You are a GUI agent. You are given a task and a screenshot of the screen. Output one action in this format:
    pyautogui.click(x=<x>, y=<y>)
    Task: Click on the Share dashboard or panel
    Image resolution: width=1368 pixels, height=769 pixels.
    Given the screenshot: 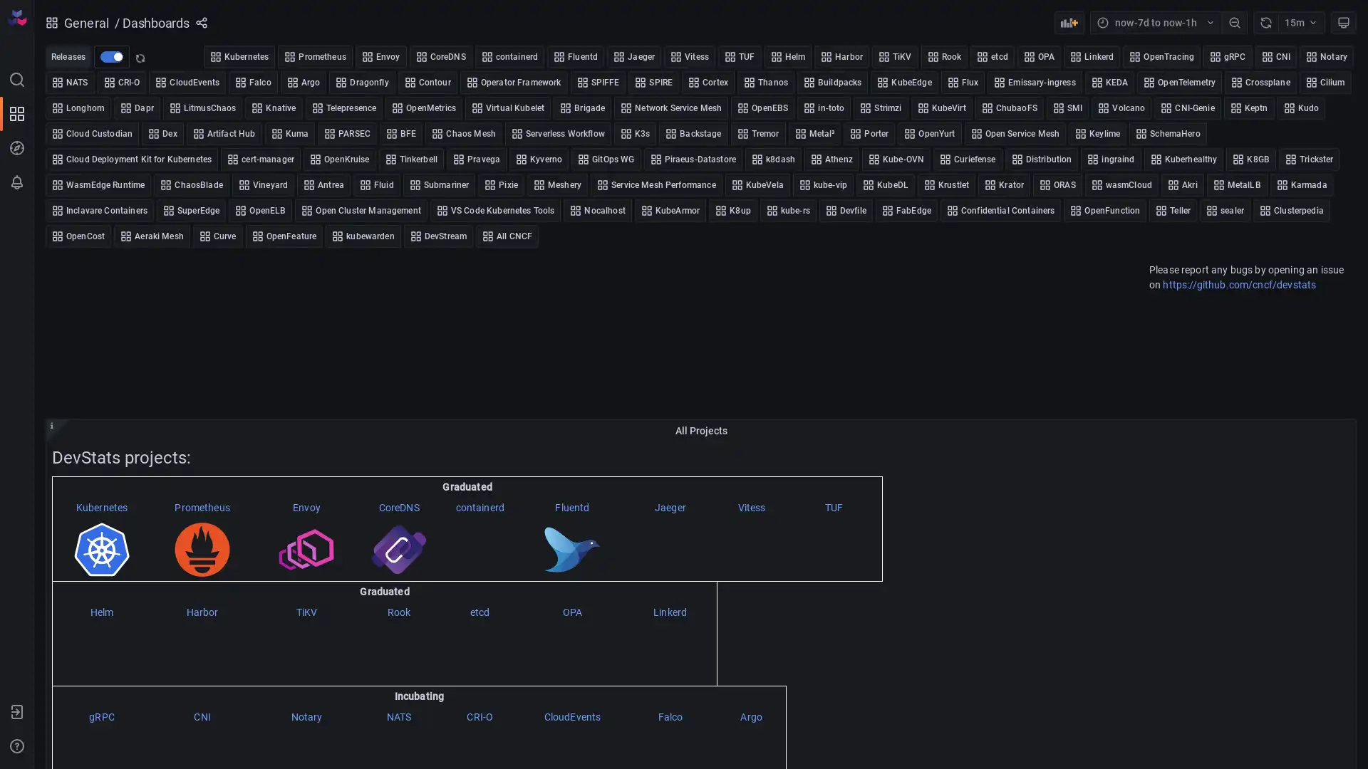 What is the action you would take?
    pyautogui.click(x=200, y=22)
    